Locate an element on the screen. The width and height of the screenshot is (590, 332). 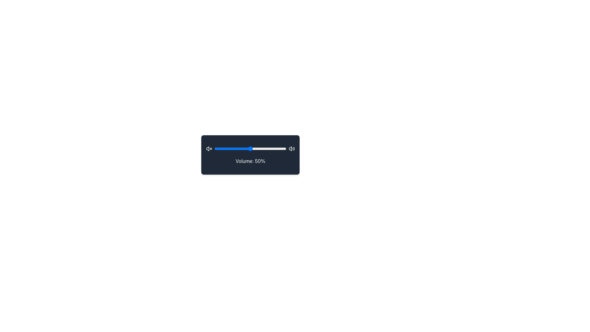
the volume level is located at coordinates (244, 148).